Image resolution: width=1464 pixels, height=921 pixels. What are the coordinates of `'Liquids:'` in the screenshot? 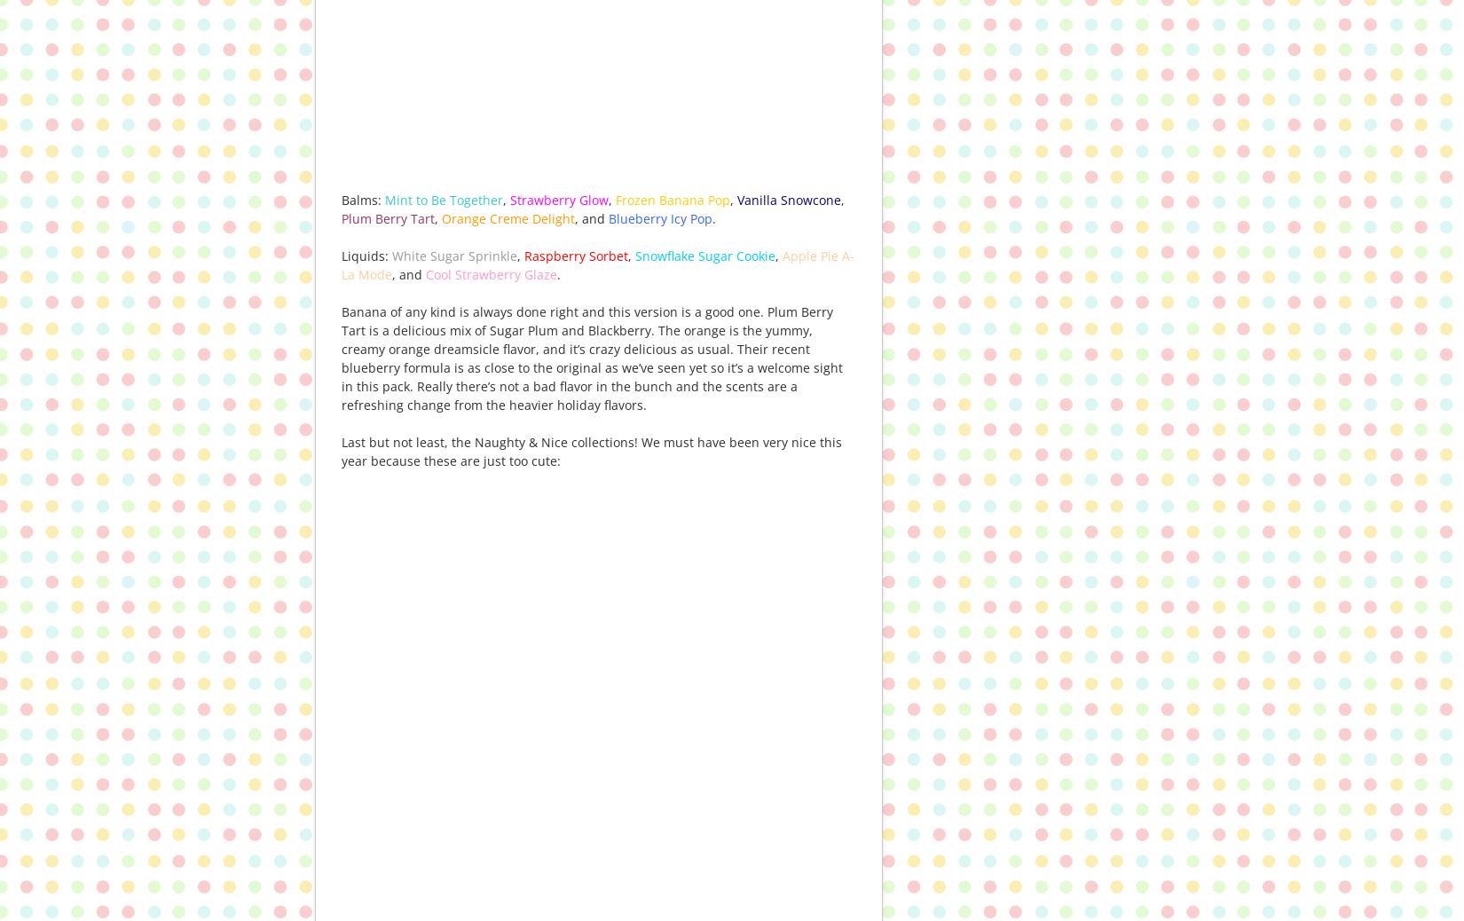 It's located at (366, 255).